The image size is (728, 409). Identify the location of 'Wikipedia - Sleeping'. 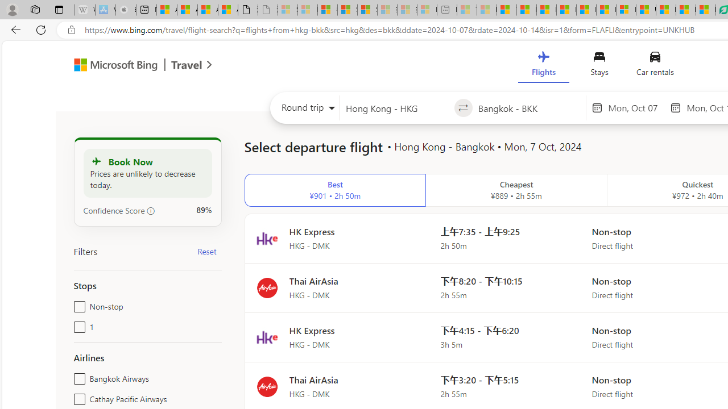
(84, 10).